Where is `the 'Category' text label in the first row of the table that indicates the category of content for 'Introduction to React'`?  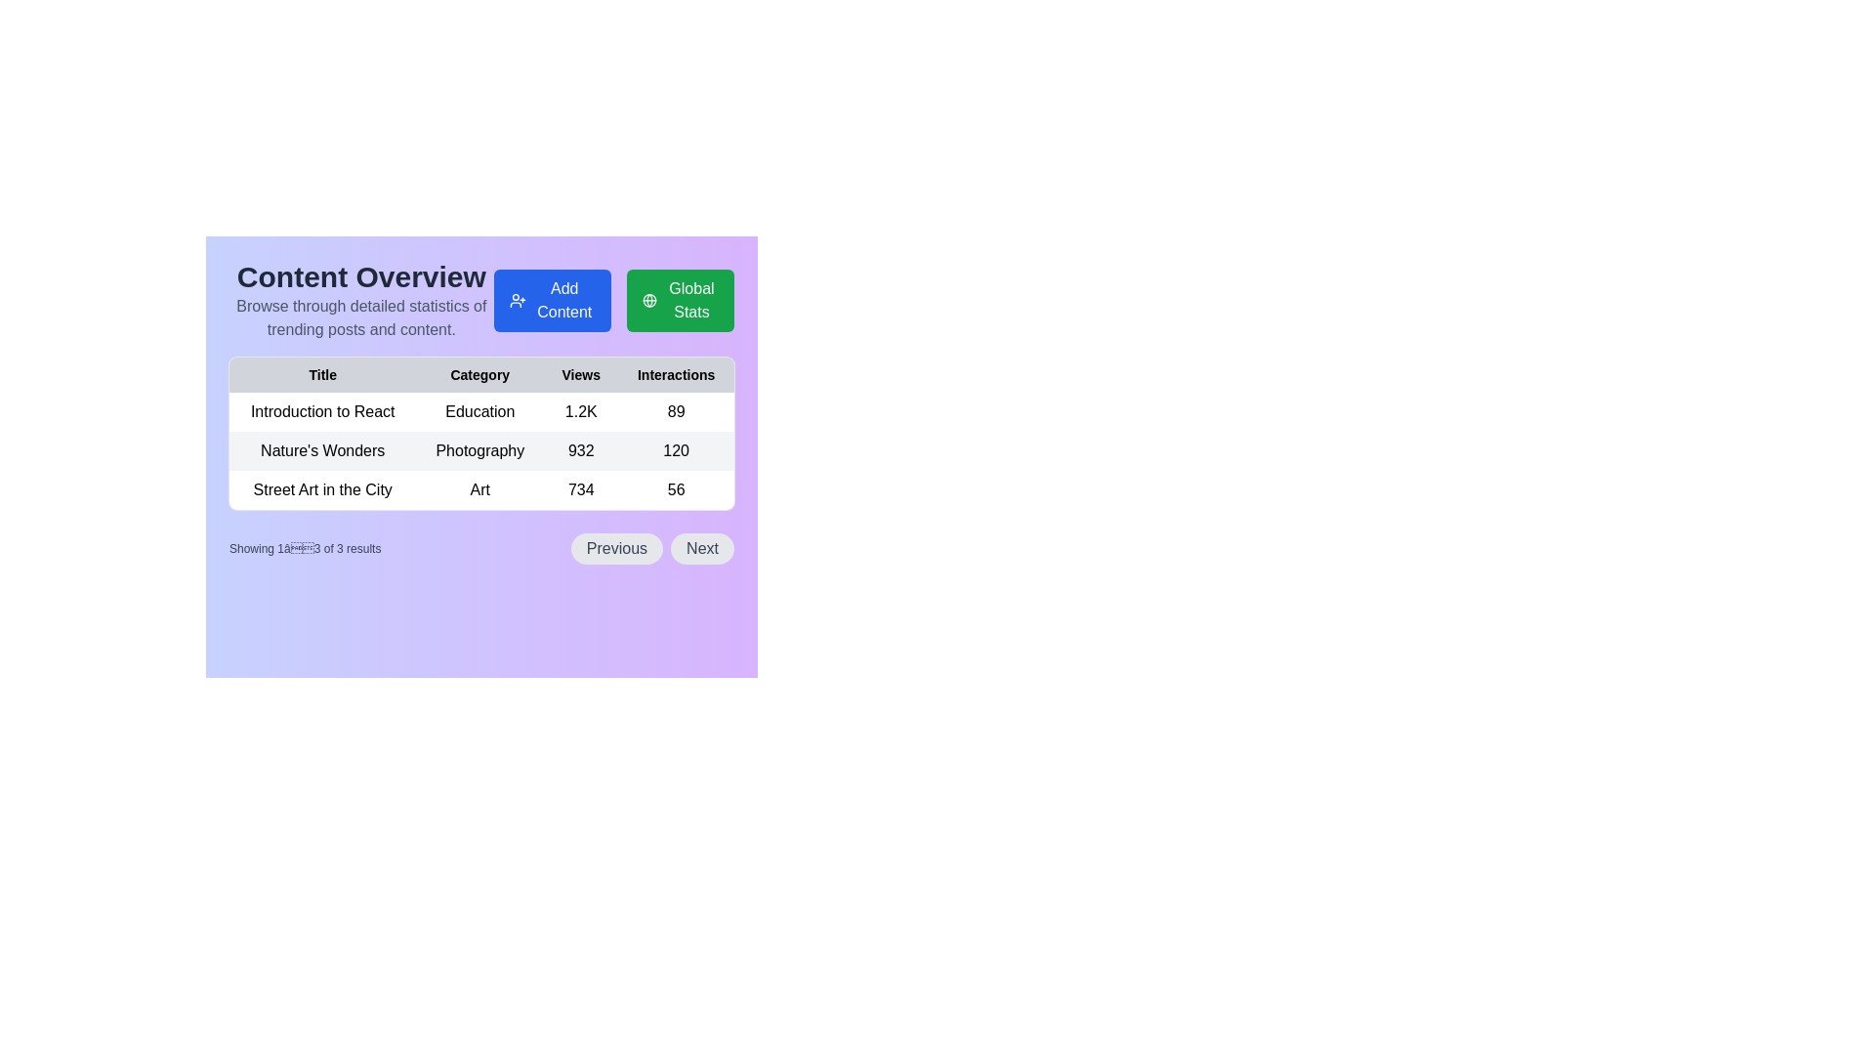 the 'Category' text label in the first row of the table that indicates the category of content for 'Introduction to React' is located at coordinates (479, 410).